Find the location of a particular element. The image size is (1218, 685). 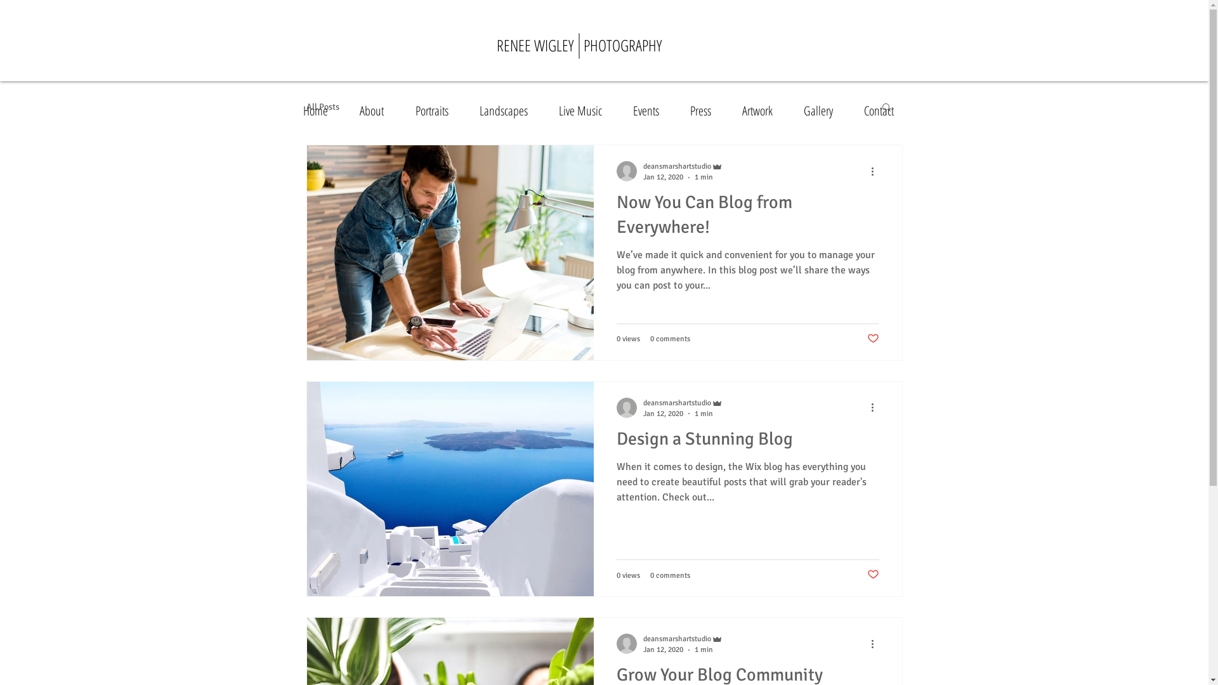

'Contact' is located at coordinates (883, 110).